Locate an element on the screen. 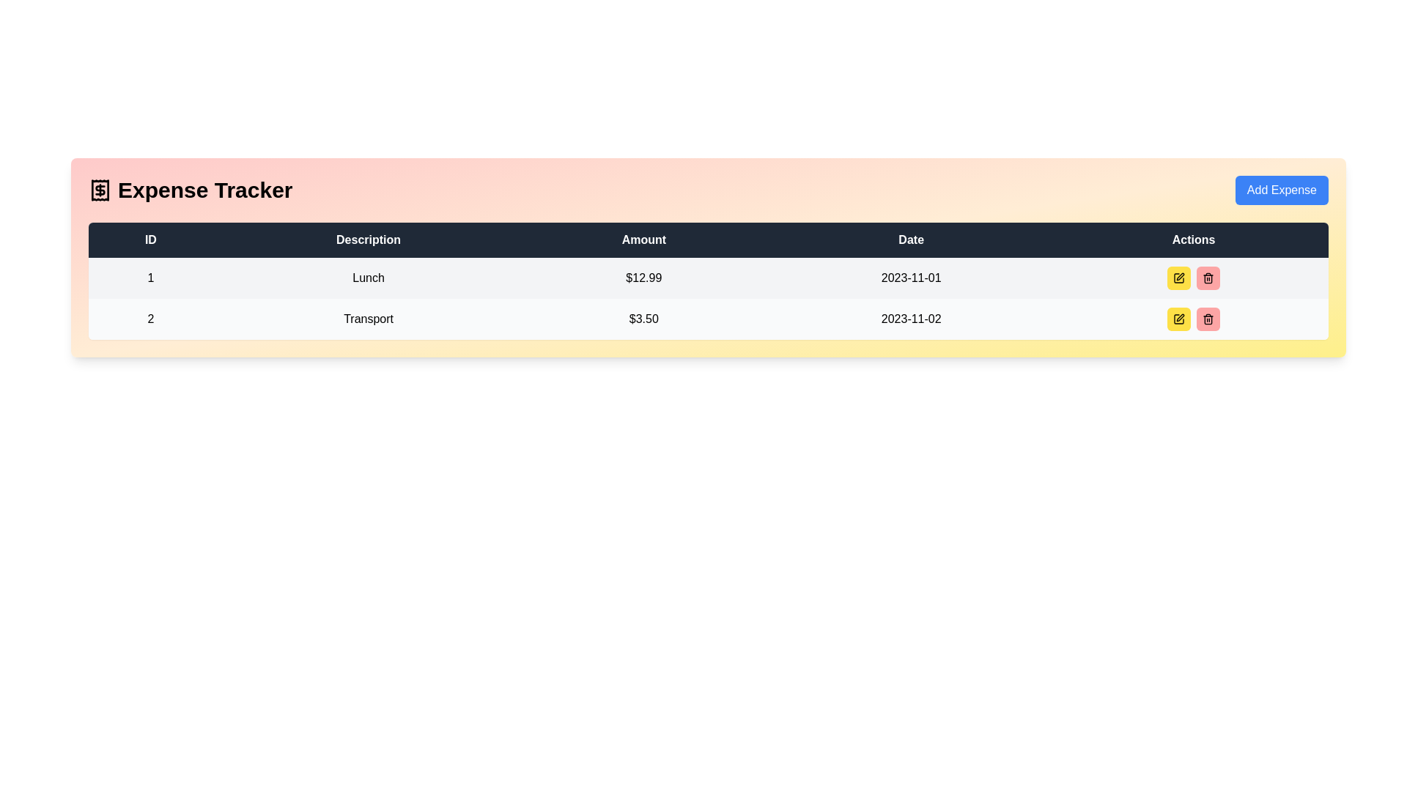 This screenshot has height=791, width=1407. the delete action button located in the last row of the table, positioned to the right of the yellow edit button, to observe its hover effects is located at coordinates (1208, 318).